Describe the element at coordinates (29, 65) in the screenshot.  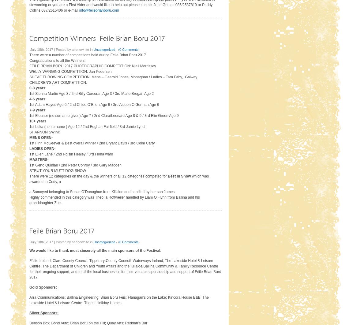
I see `'FEILE BRIAN BORU 2017 PHOTOGRAPHIC COMPETITION: Niall Morrissey'` at that location.